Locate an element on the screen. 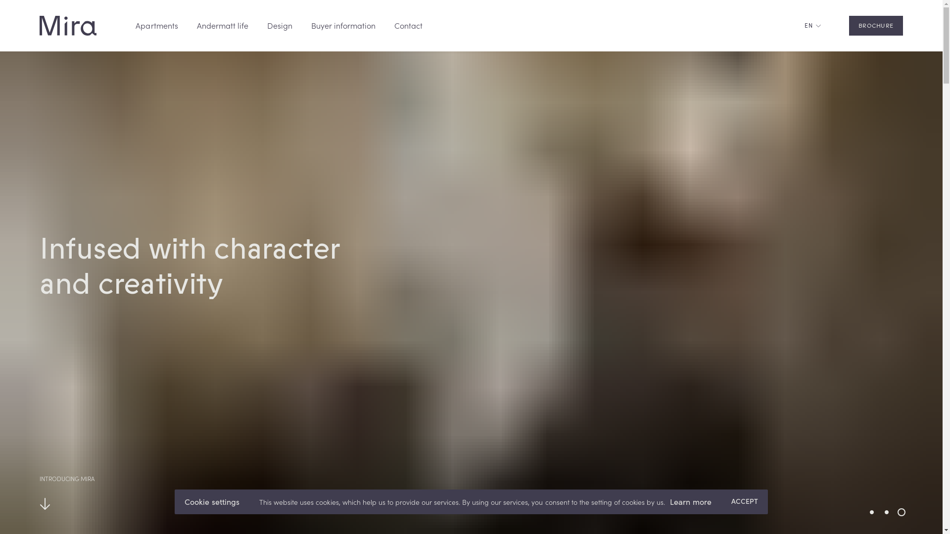 Image resolution: width=950 pixels, height=534 pixels. 'Apartments' is located at coordinates (156, 25).